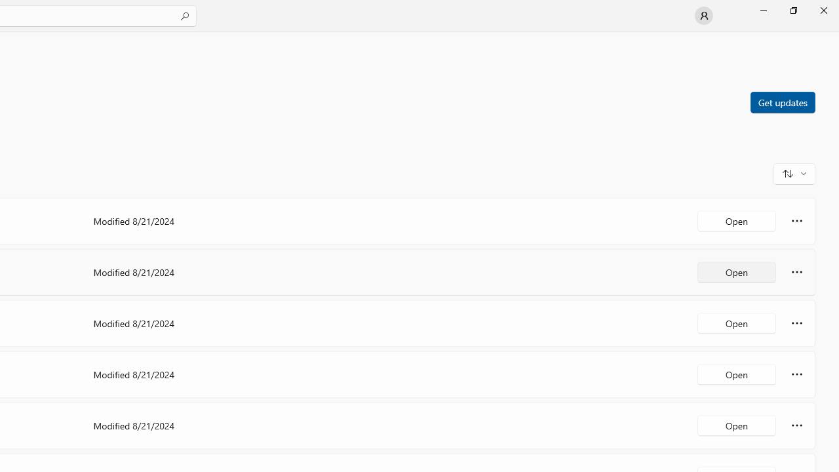 Image resolution: width=839 pixels, height=472 pixels. I want to click on 'Get updates', so click(782, 101).